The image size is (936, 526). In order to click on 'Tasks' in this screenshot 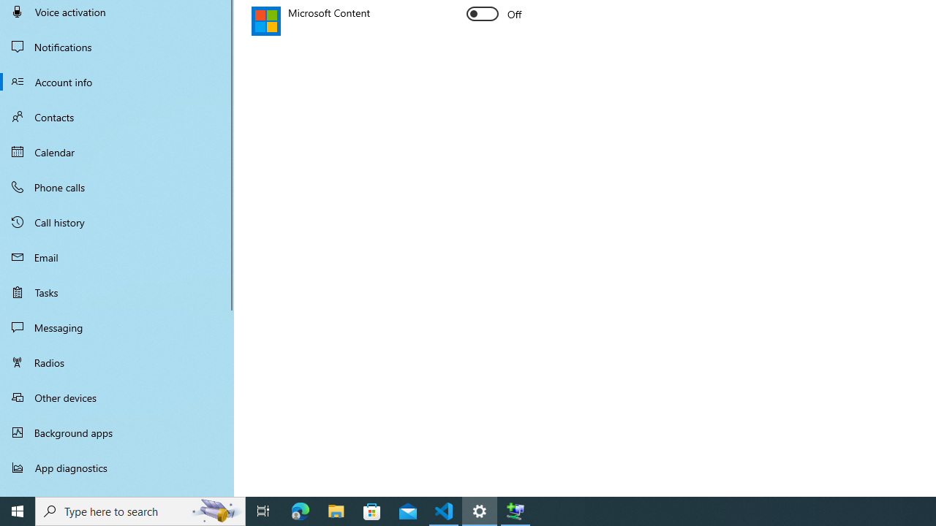, I will do `click(117, 291)`.